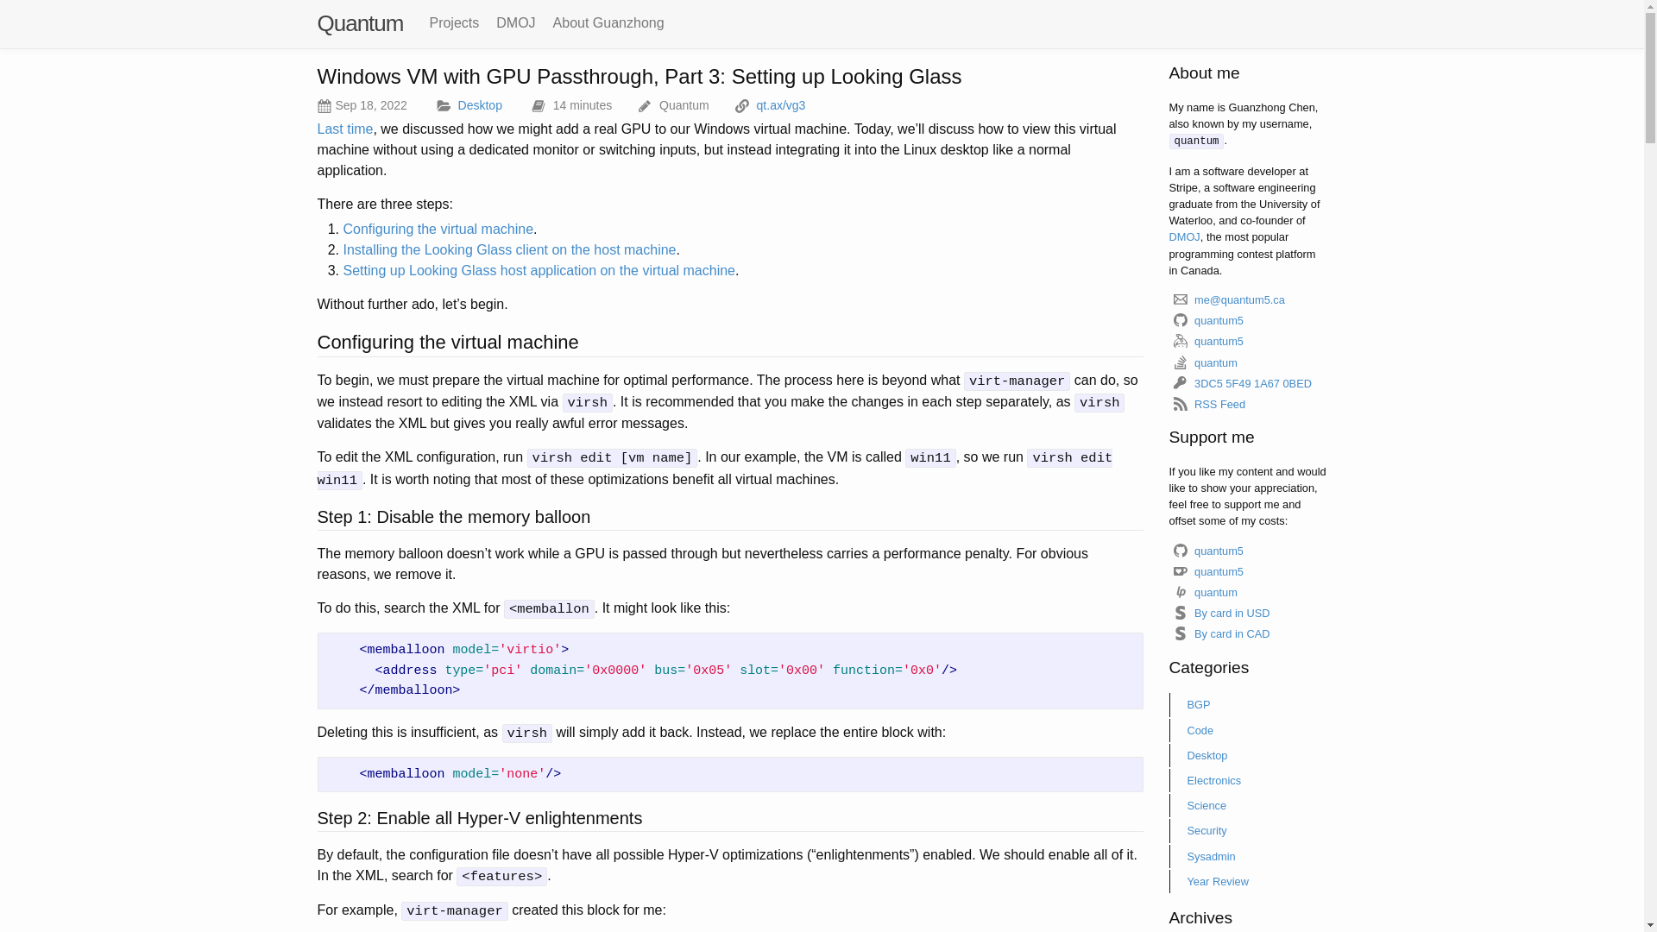 The width and height of the screenshot is (1657, 932). I want to click on 'quantum5', so click(1207, 551).